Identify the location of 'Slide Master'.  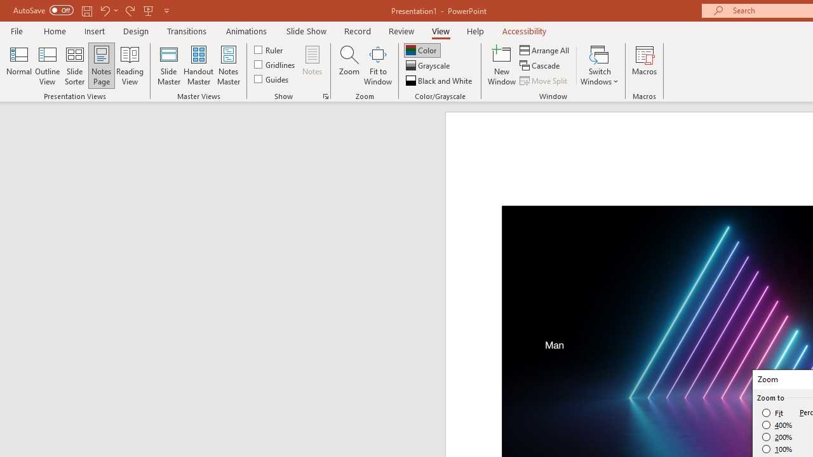
(168, 65).